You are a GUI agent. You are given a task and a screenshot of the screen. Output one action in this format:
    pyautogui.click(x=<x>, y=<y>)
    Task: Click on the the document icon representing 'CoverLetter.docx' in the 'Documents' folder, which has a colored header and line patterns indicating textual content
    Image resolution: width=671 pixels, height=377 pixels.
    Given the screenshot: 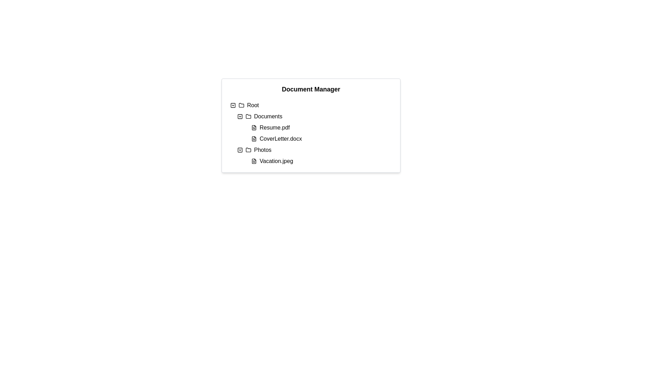 What is the action you would take?
    pyautogui.click(x=253, y=139)
    